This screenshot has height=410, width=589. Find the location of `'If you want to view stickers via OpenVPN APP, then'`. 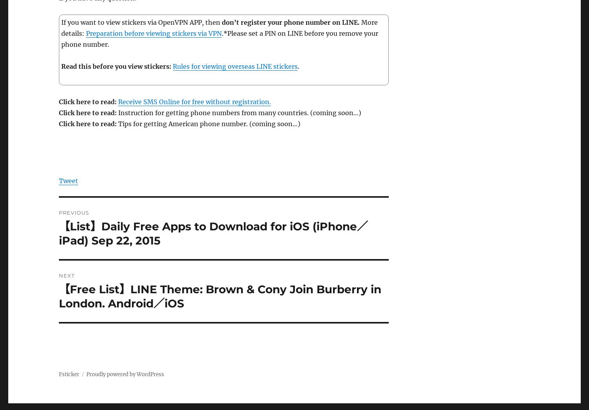

'If you want to view stickers via OpenVPN APP, then' is located at coordinates (141, 22).